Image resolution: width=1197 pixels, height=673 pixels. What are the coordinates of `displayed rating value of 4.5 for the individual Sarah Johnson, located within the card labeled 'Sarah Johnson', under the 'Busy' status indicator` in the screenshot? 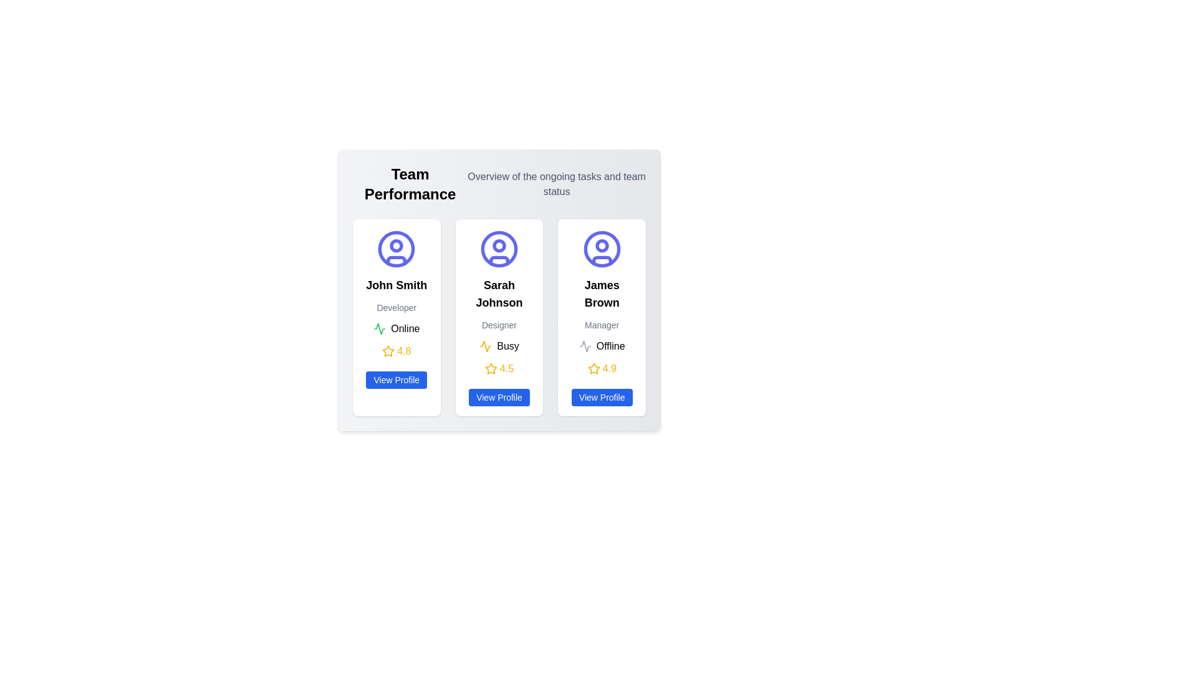 It's located at (499, 368).